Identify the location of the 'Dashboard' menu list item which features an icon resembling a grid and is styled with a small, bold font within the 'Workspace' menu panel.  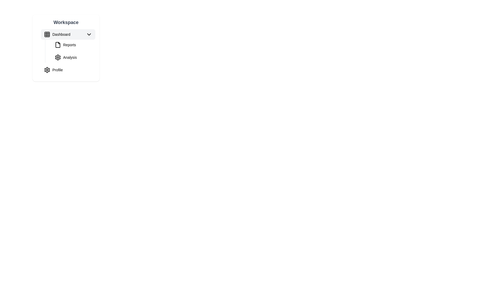
(57, 34).